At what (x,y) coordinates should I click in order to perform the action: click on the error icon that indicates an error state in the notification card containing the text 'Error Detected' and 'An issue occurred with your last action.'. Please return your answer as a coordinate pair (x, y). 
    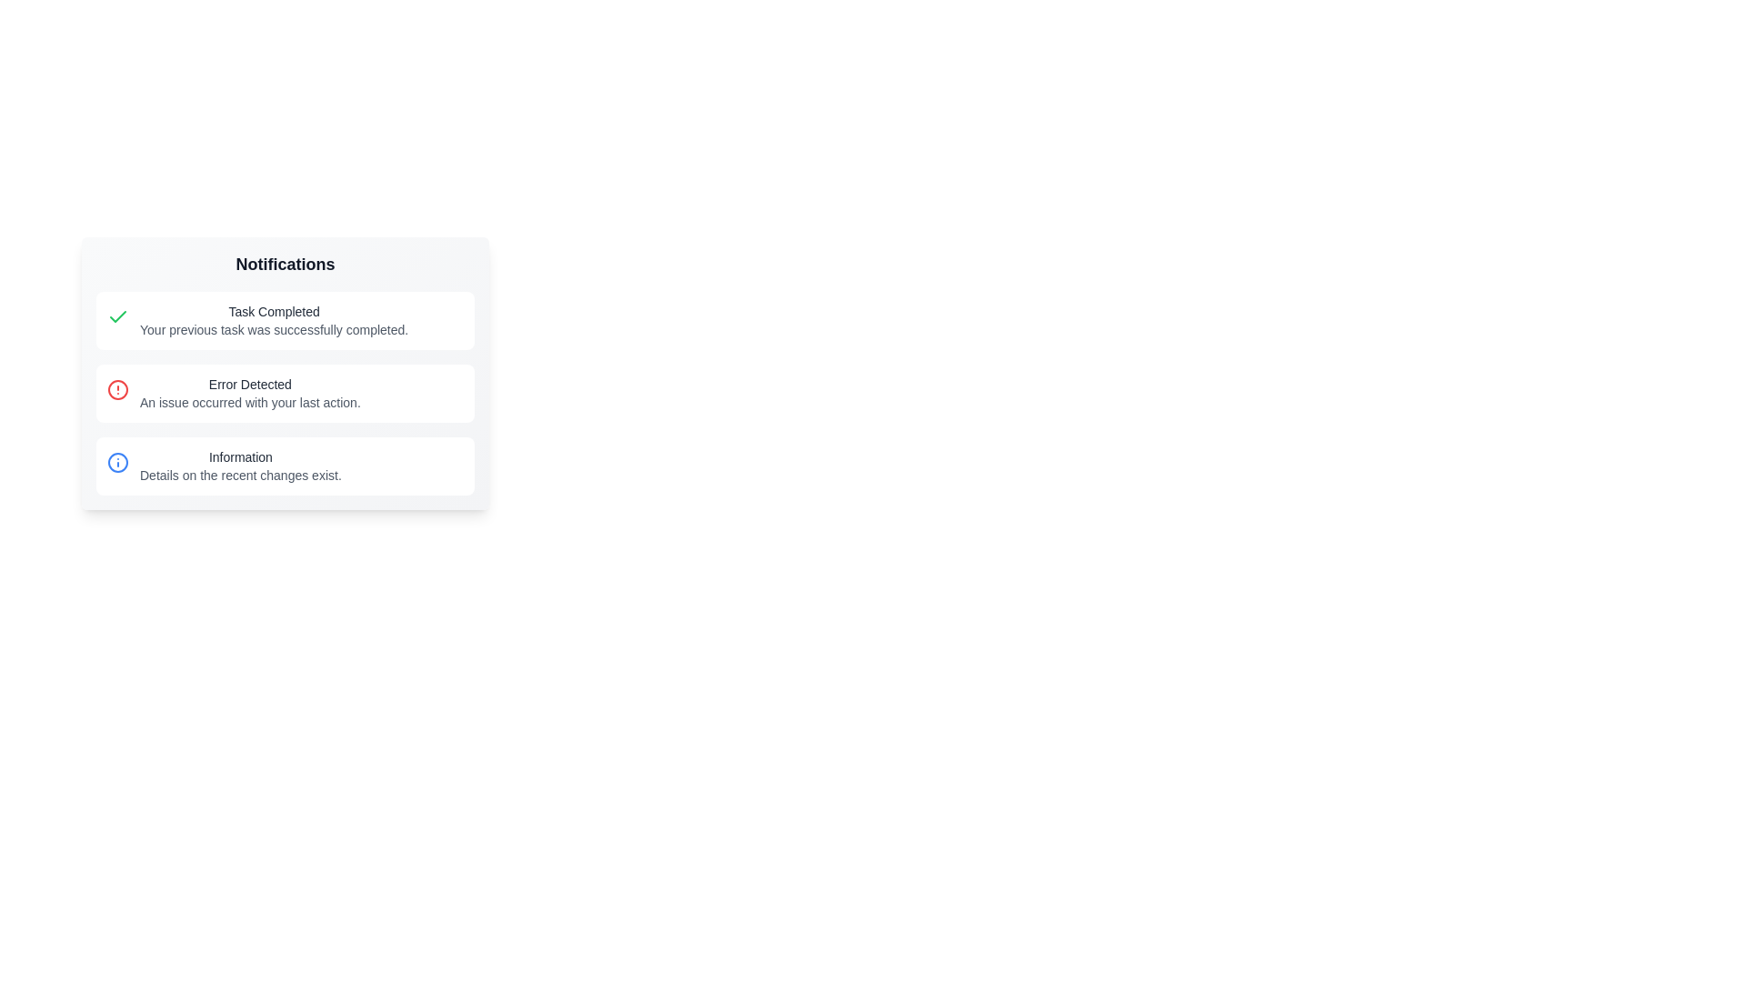
    Looking at the image, I should click on (116, 388).